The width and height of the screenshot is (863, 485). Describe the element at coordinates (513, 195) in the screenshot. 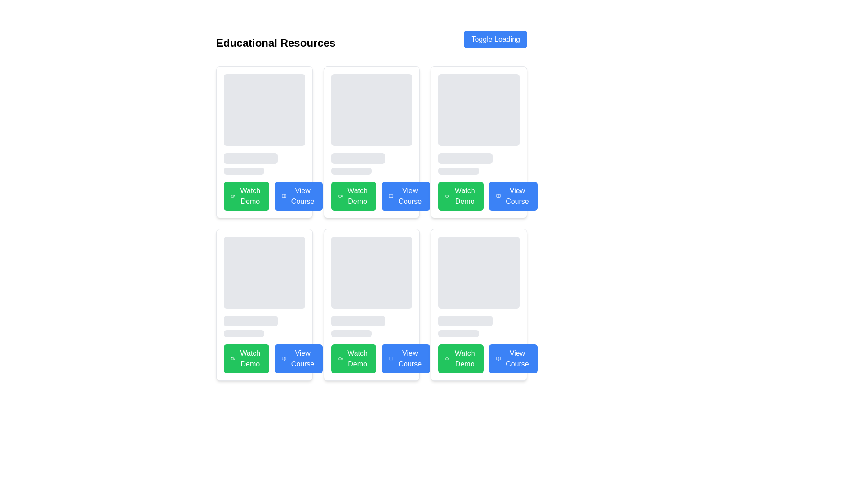

I see `the second button in the group of buttons that includes 'Watch Demo' and 'View Course'` at that location.